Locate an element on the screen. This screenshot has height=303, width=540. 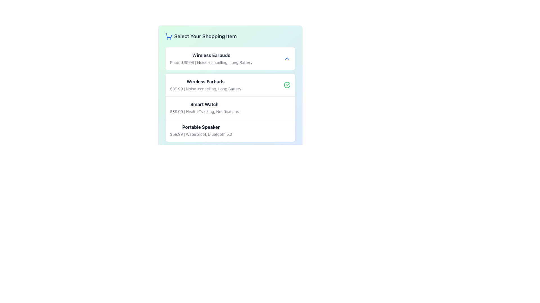
the text label displaying pricing and feature details, which reads '$39.99 | Noise-cancelling, Long Battery', located beneath the 'Wireless Earbuds' header is located at coordinates (205, 88).